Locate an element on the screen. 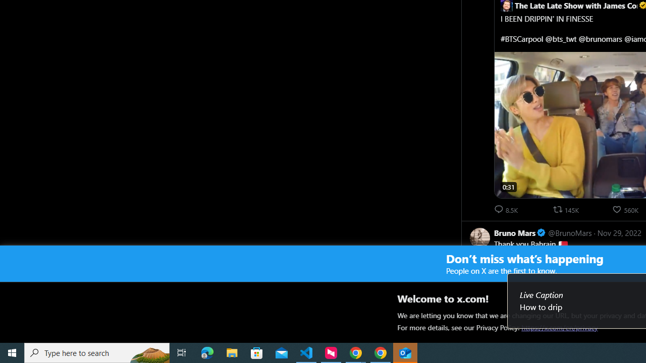 Image resolution: width=646 pixels, height=363 pixels. '@BrunoMars' is located at coordinates (569, 232).